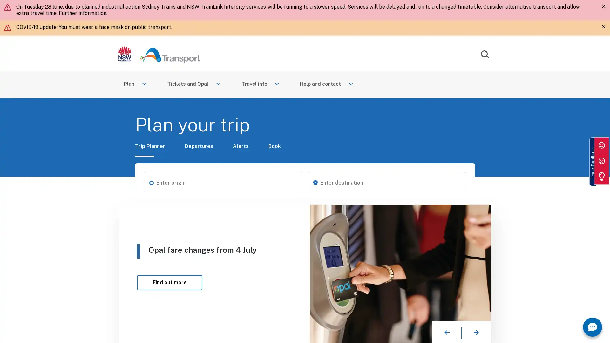  What do you see at coordinates (135, 84) in the screenshot?
I see `Plan` at bounding box center [135, 84].